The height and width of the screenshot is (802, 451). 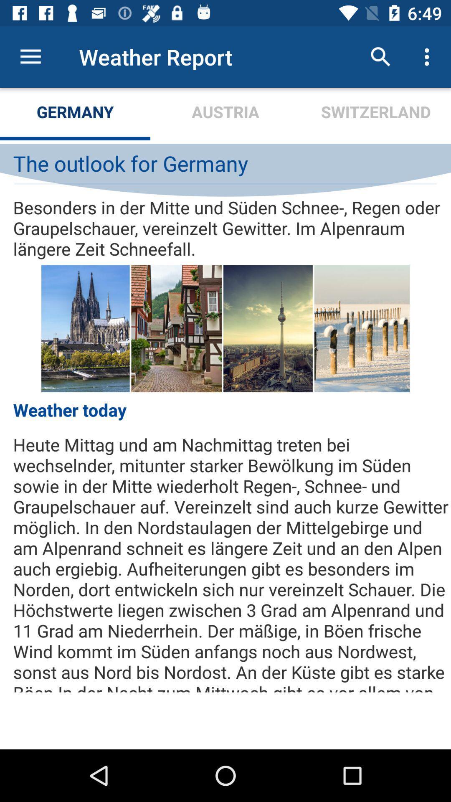 What do you see at coordinates (30, 56) in the screenshot?
I see `the item above germany item` at bounding box center [30, 56].